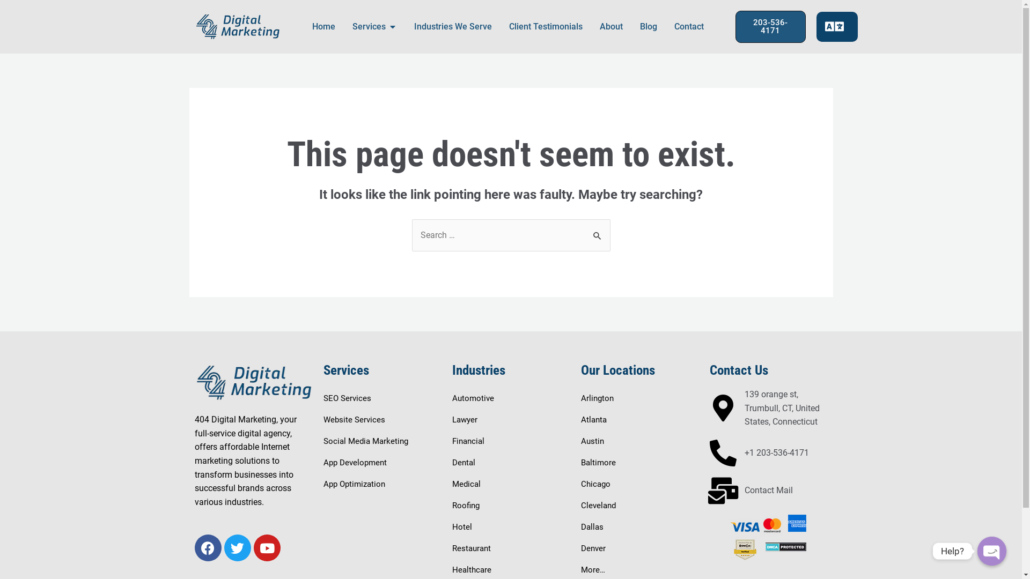 The height and width of the screenshot is (579, 1030). What do you see at coordinates (545, 26) in the screenshot?
I see `'Client Testimonials'` at bounding box center [545, 26].